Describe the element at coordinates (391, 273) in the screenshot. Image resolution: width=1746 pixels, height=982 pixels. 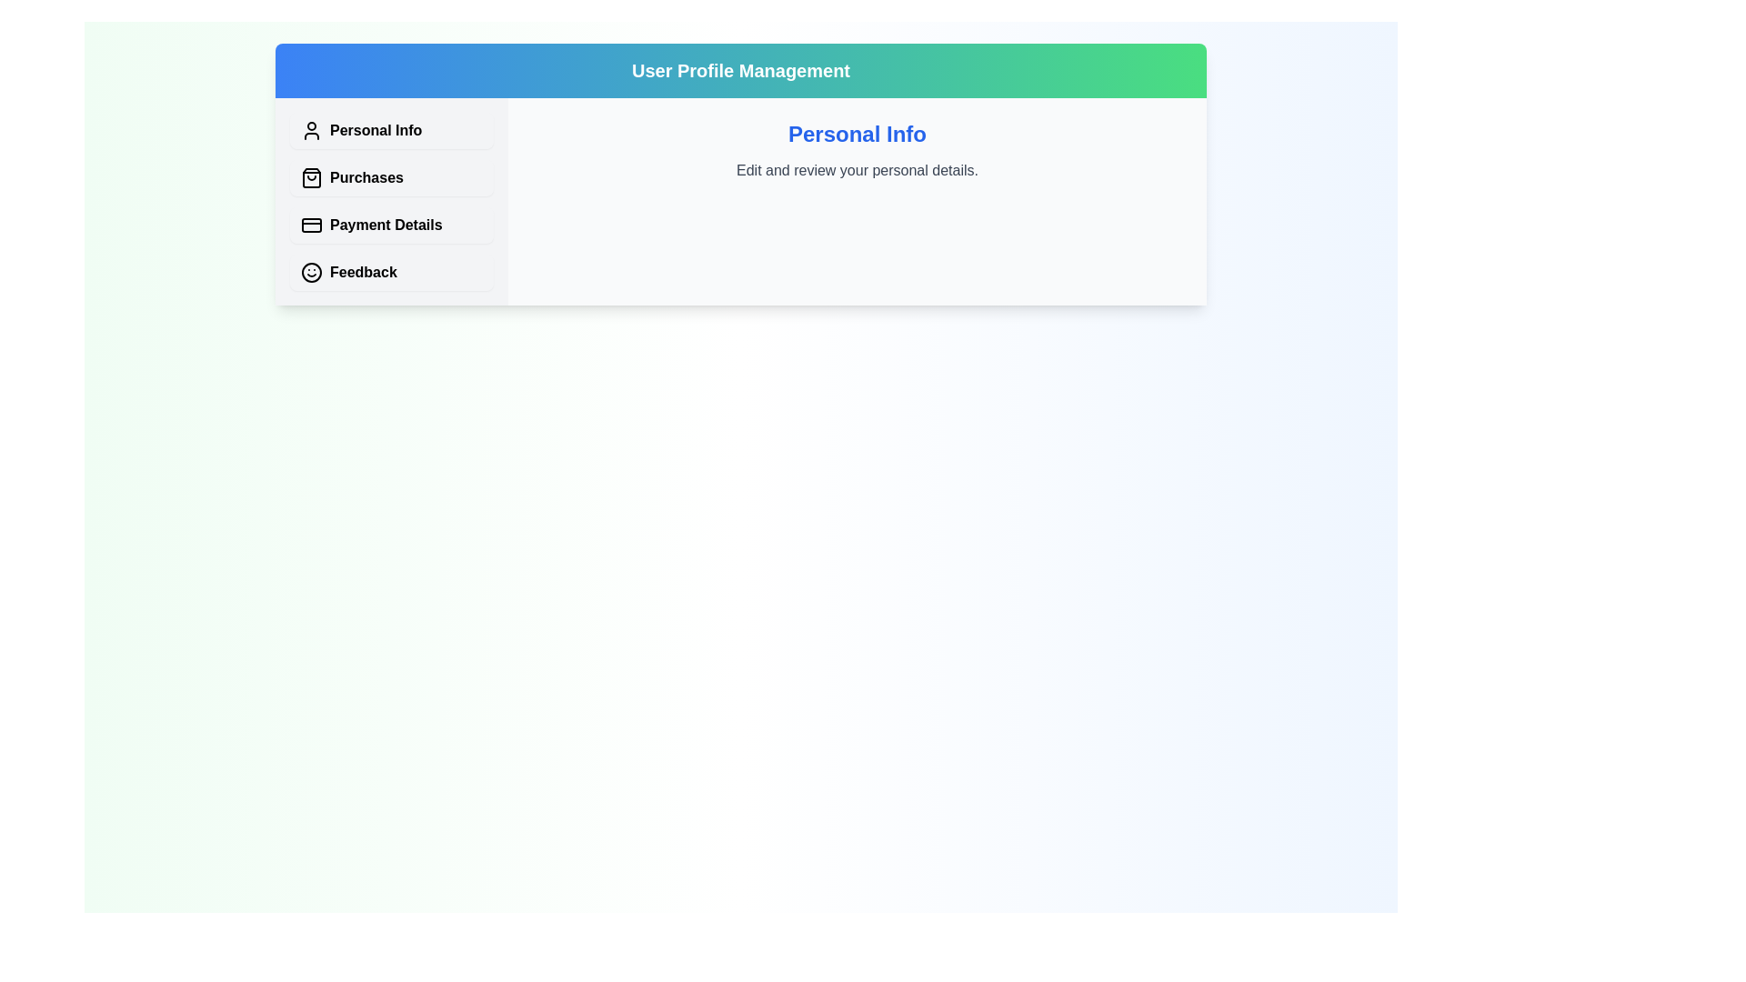
I see `the tab corresponding to Feedback to view its content` at that location.